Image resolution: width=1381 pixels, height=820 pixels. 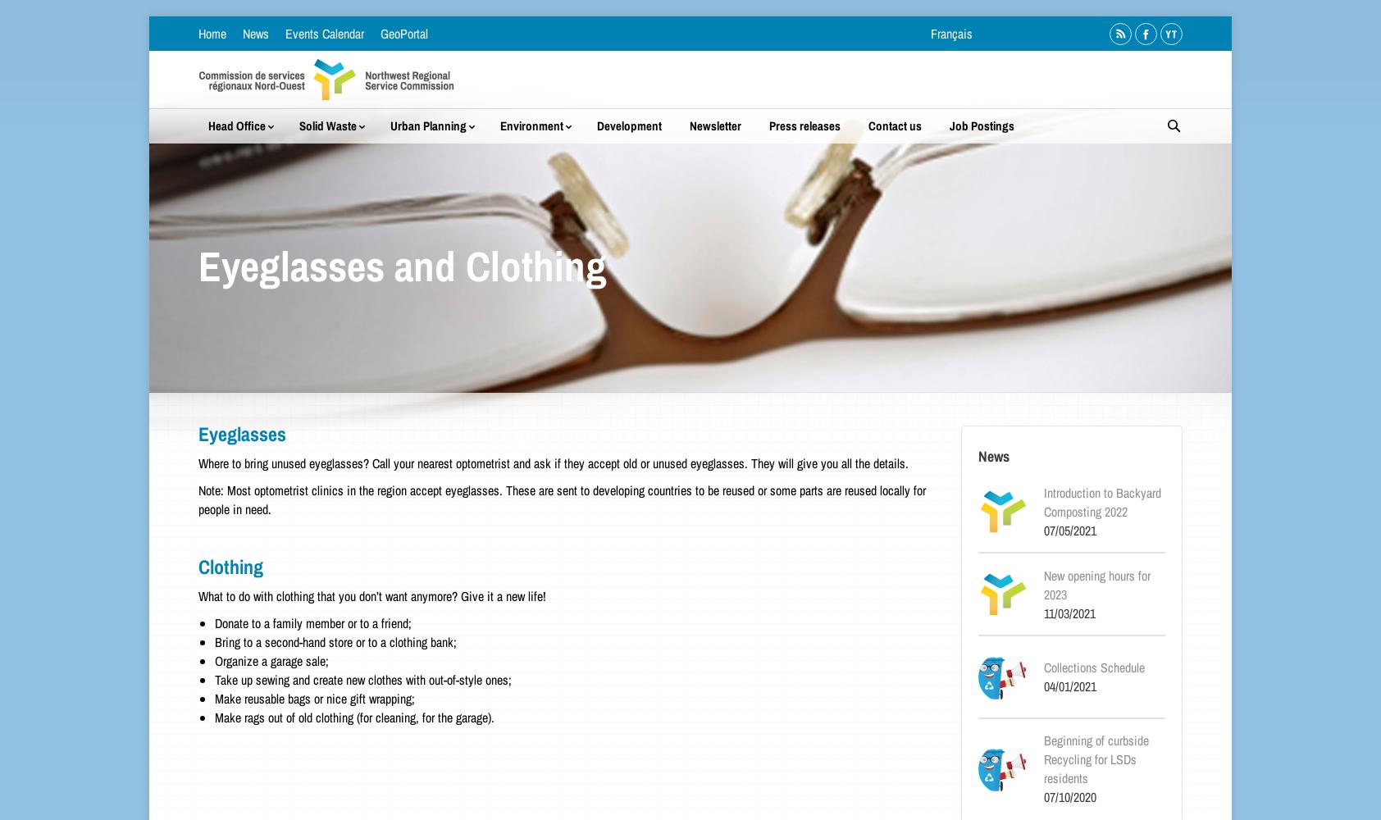 I want to click on 'Meeting Minutes', so click(x=1134, y=232).